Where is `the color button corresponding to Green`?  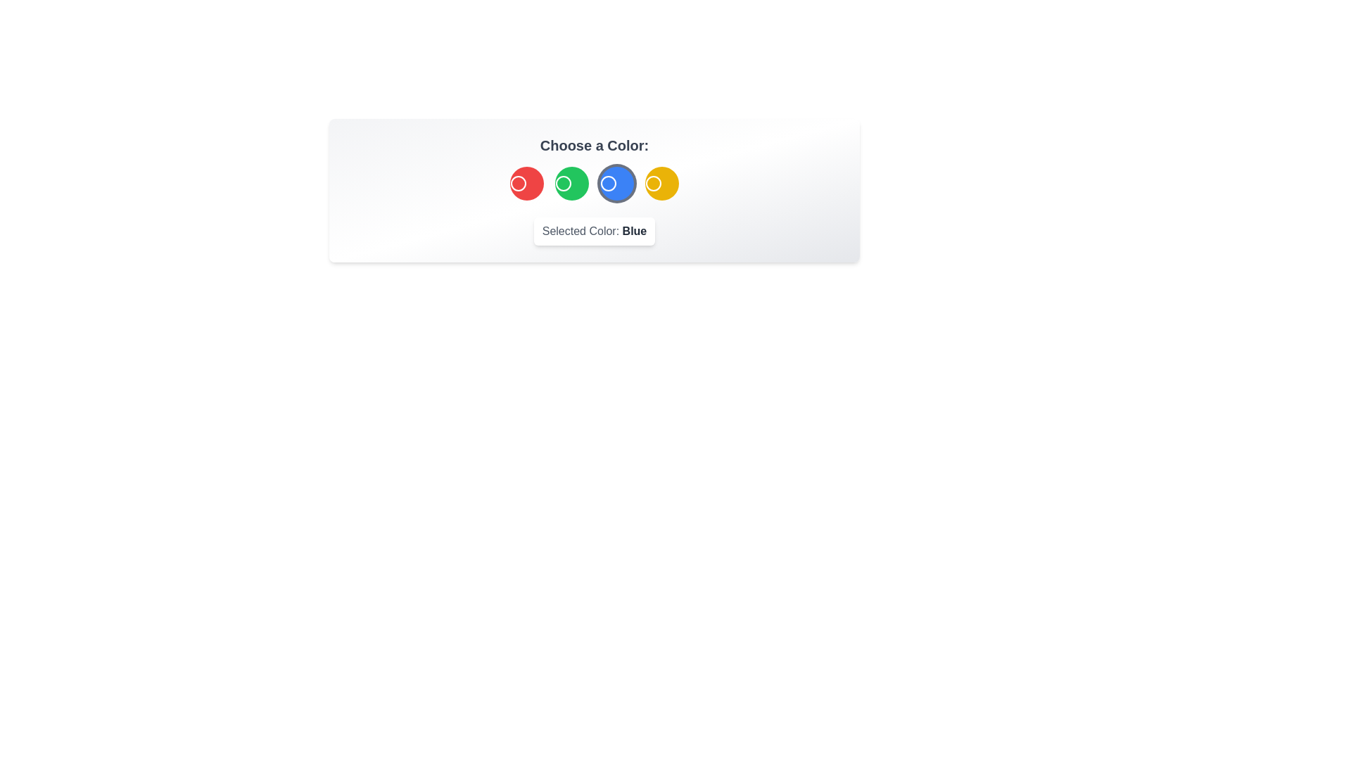 the color button corresponding to Green is located at coordinates (571, 183).